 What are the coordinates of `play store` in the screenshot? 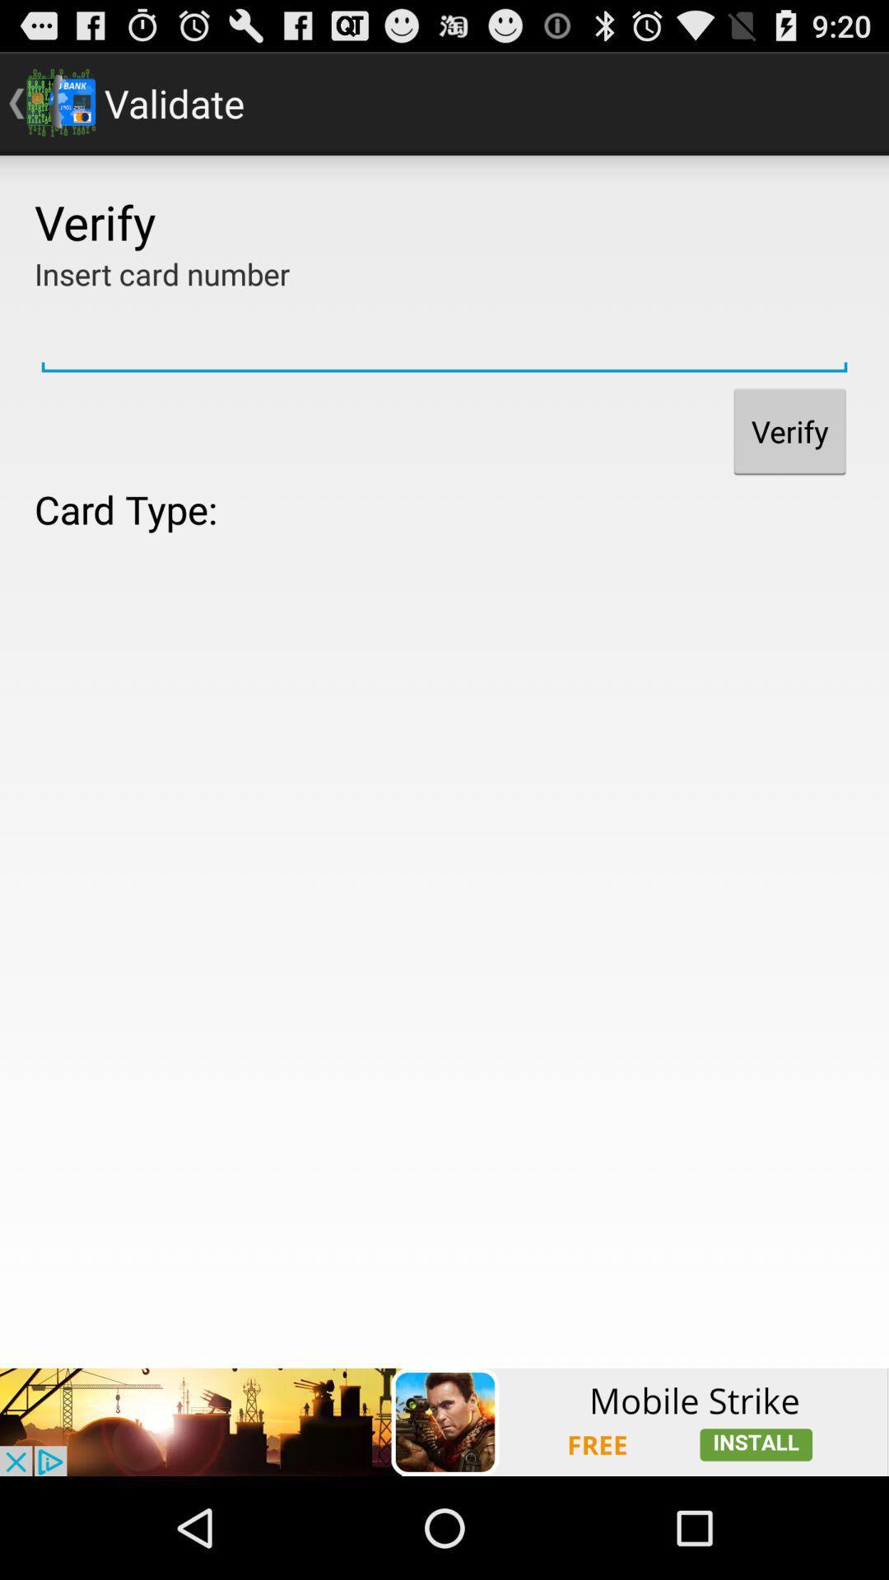 It's located at (444, 1421).